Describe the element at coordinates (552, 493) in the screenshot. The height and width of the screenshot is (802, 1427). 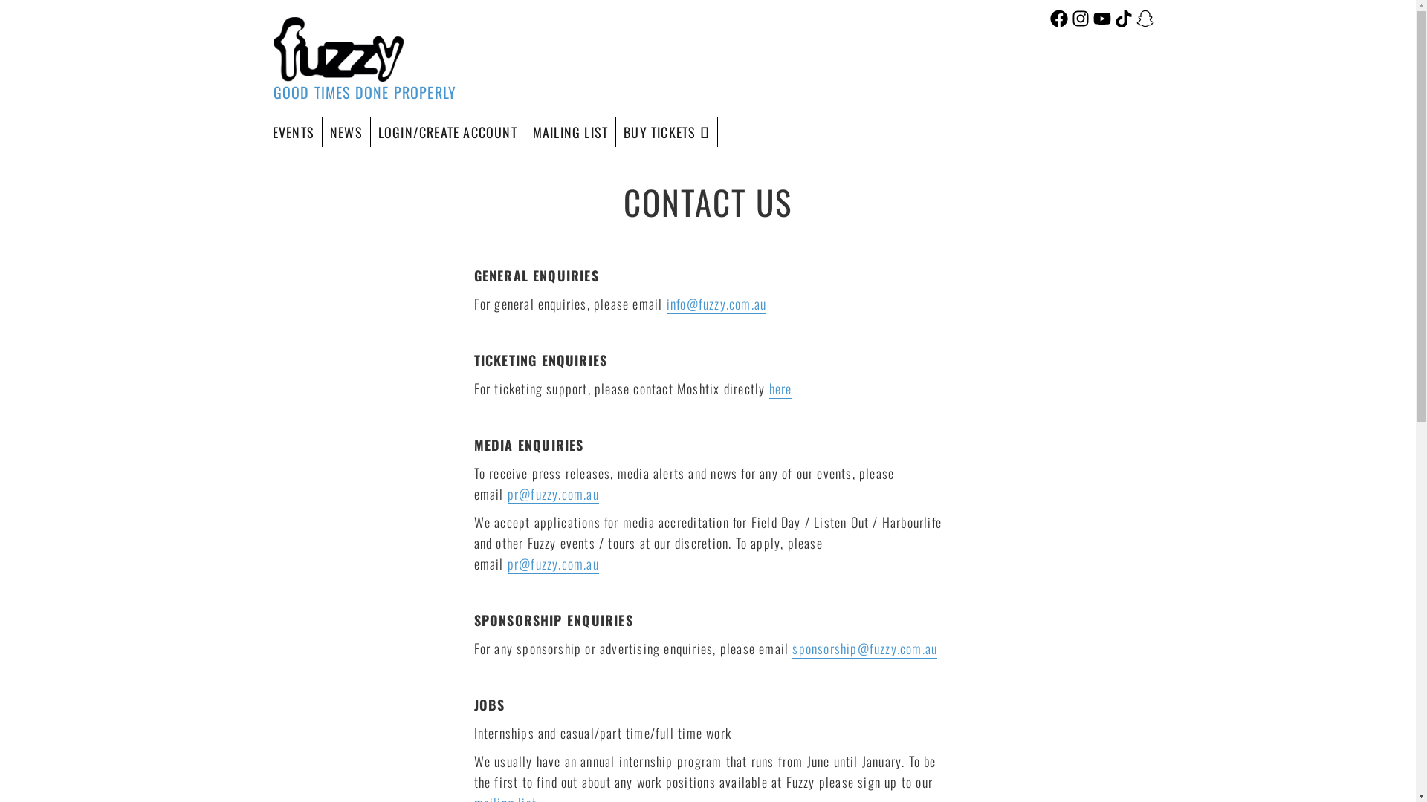
I see `'pr@fuzzy.com.au'` at that location.